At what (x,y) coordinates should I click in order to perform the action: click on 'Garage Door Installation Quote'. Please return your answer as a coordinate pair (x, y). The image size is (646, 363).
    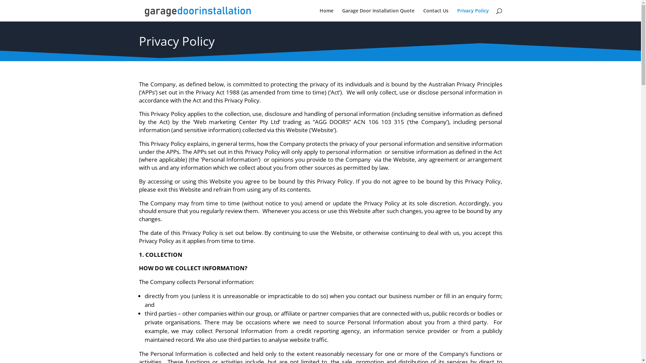
    Looking at the image, I should click on (378, 15).